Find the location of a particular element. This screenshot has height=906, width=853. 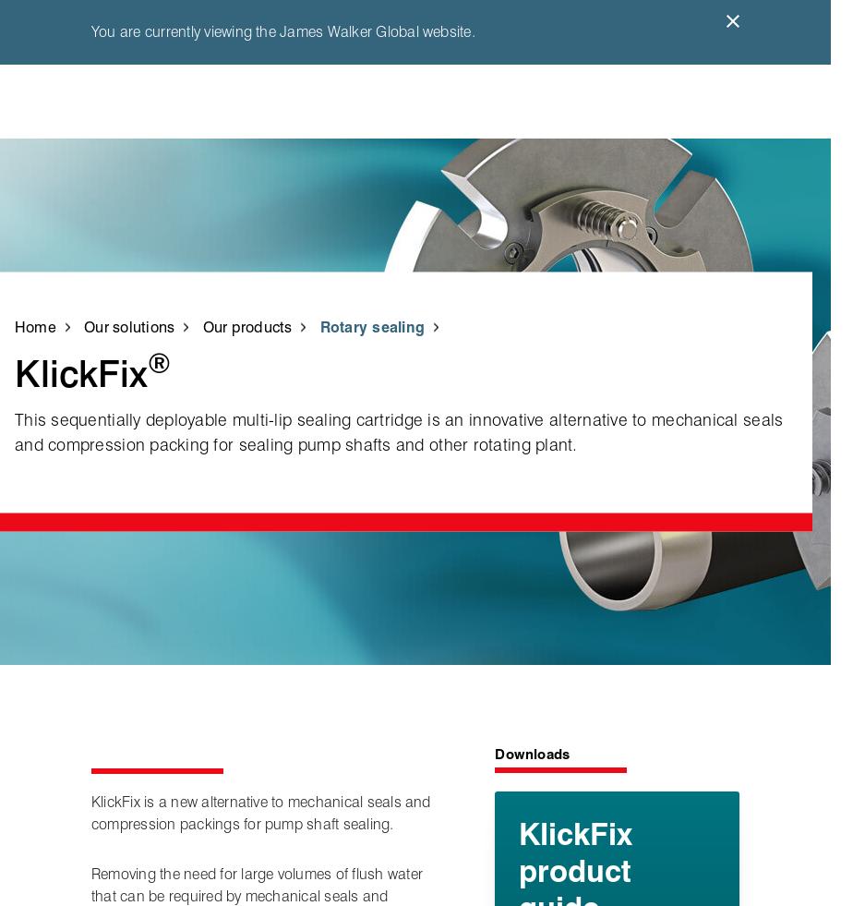

'KlickFix cartridge seal' is located at coordinates (221, 238).